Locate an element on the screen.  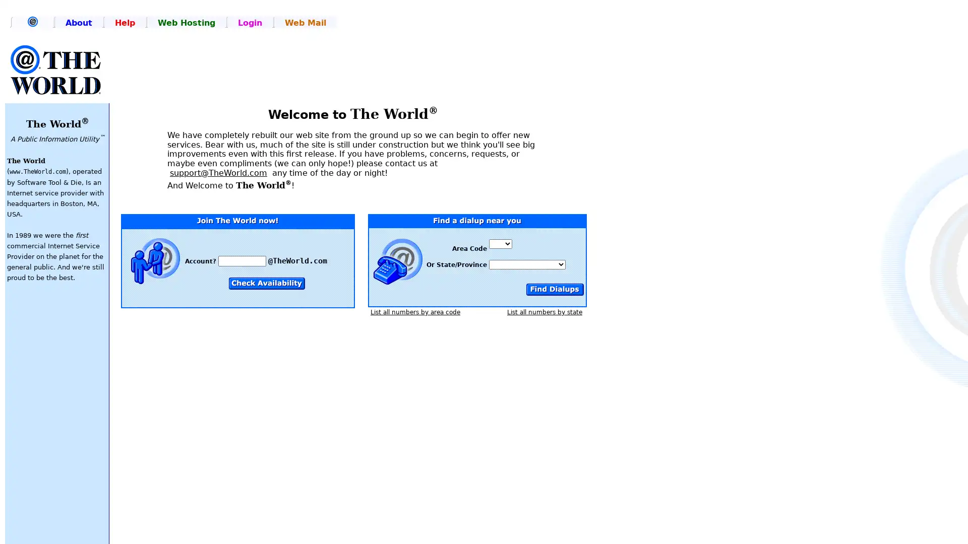
Submit is located at coordinates (267, 283).